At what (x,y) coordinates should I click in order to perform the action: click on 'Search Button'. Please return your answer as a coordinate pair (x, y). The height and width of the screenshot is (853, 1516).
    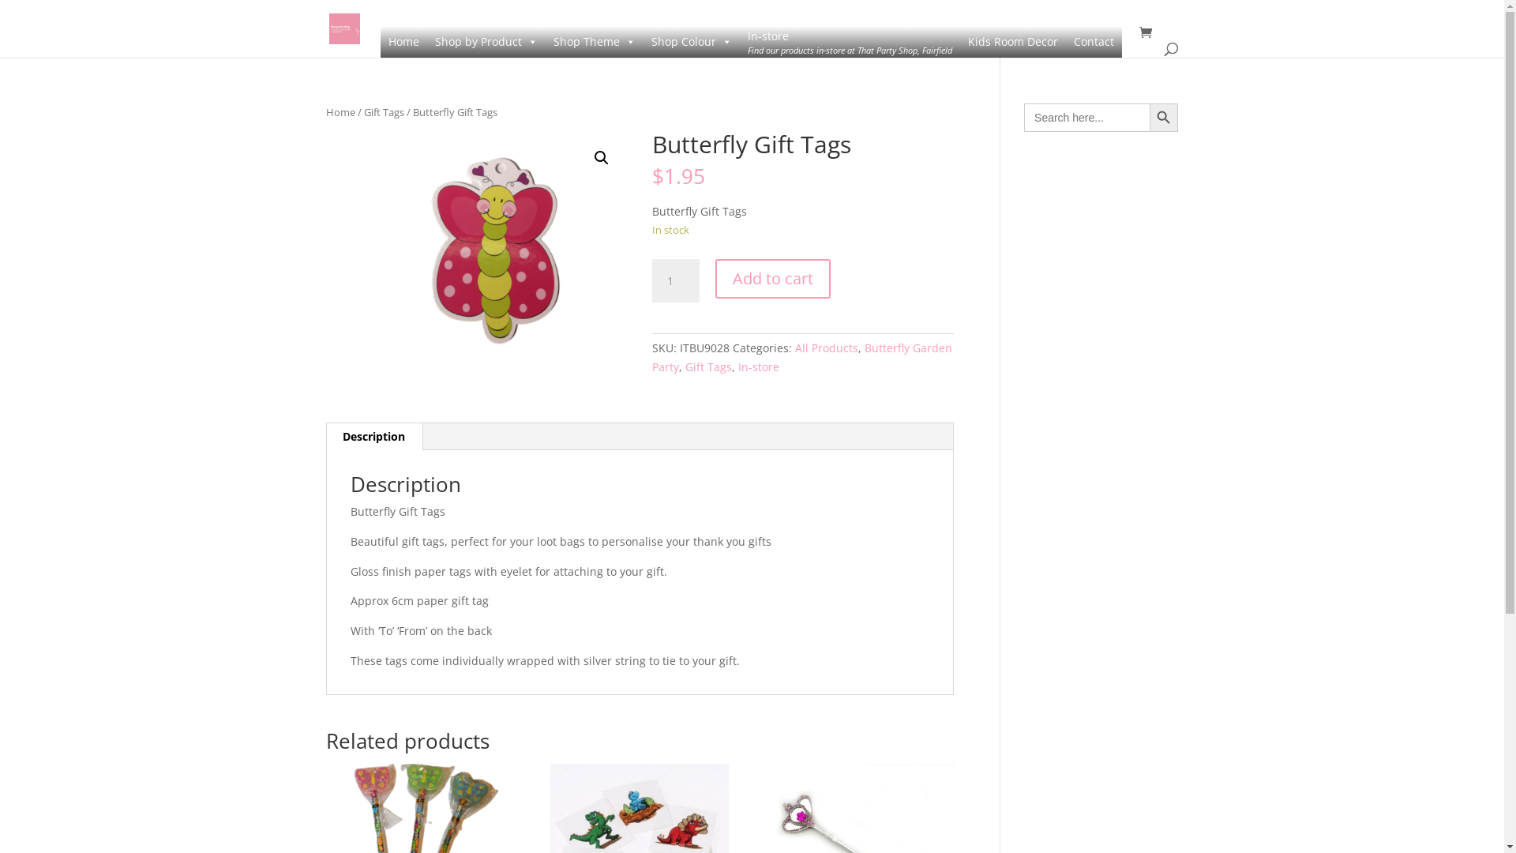
    Looking at the image, I should click on (1149, 117).